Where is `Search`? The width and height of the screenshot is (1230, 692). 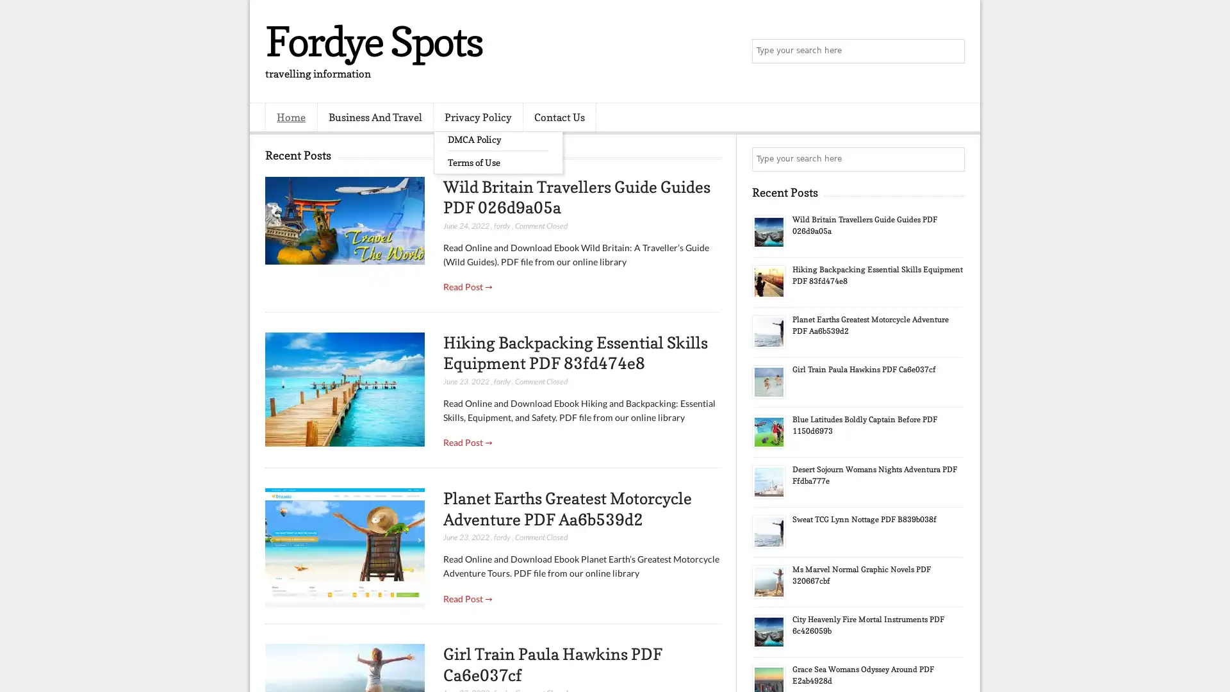 Search is located at coordinates (951, 159).